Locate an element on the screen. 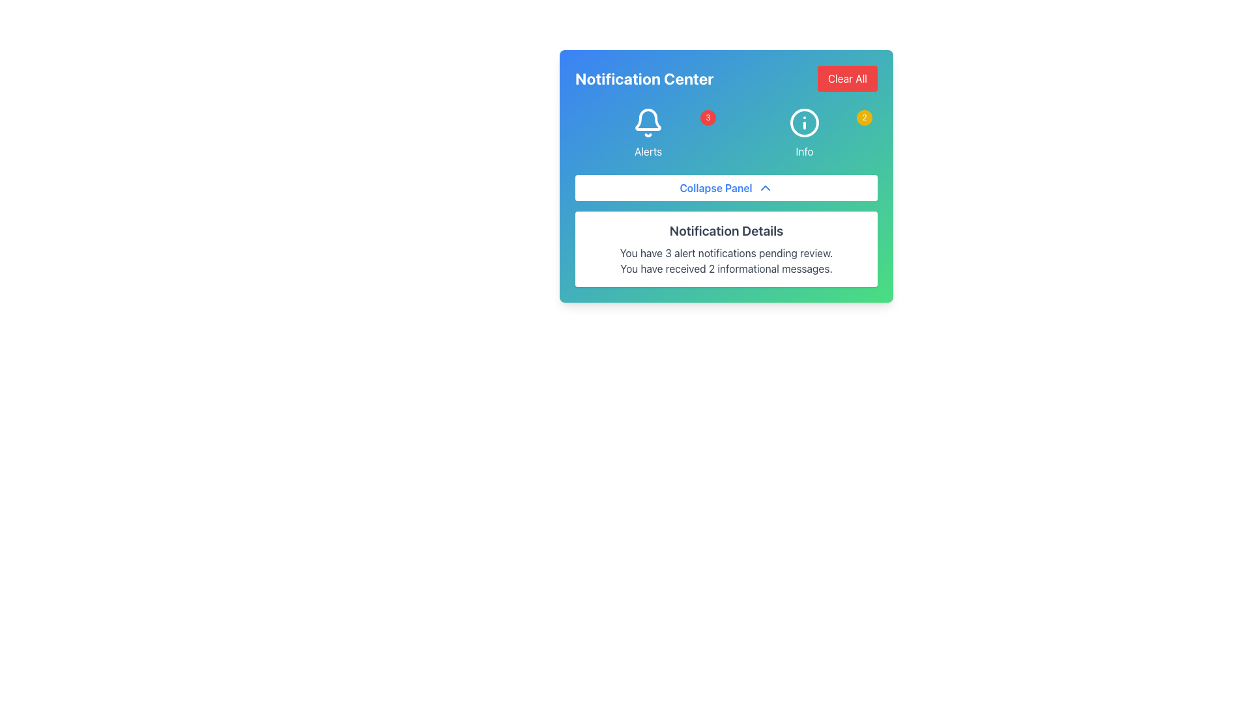 The height and width of the screenshot is (703, 1251). text content of the notification box with a white background and shadow, containing the header 'Notification Details' and two lines of smaller text about alert notifications and informational messages is located at coordinates (725, 249).